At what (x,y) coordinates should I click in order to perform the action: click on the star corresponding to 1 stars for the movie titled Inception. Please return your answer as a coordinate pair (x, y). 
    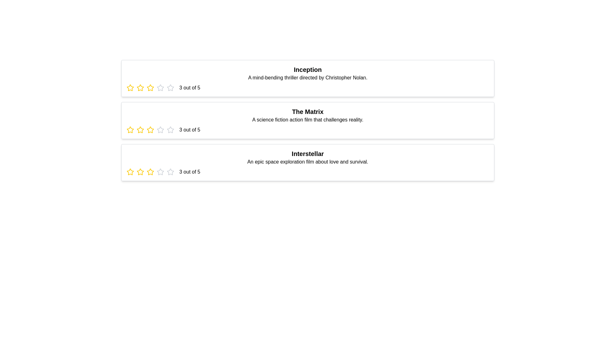
    Looking at the image, I should click on (130, 88).